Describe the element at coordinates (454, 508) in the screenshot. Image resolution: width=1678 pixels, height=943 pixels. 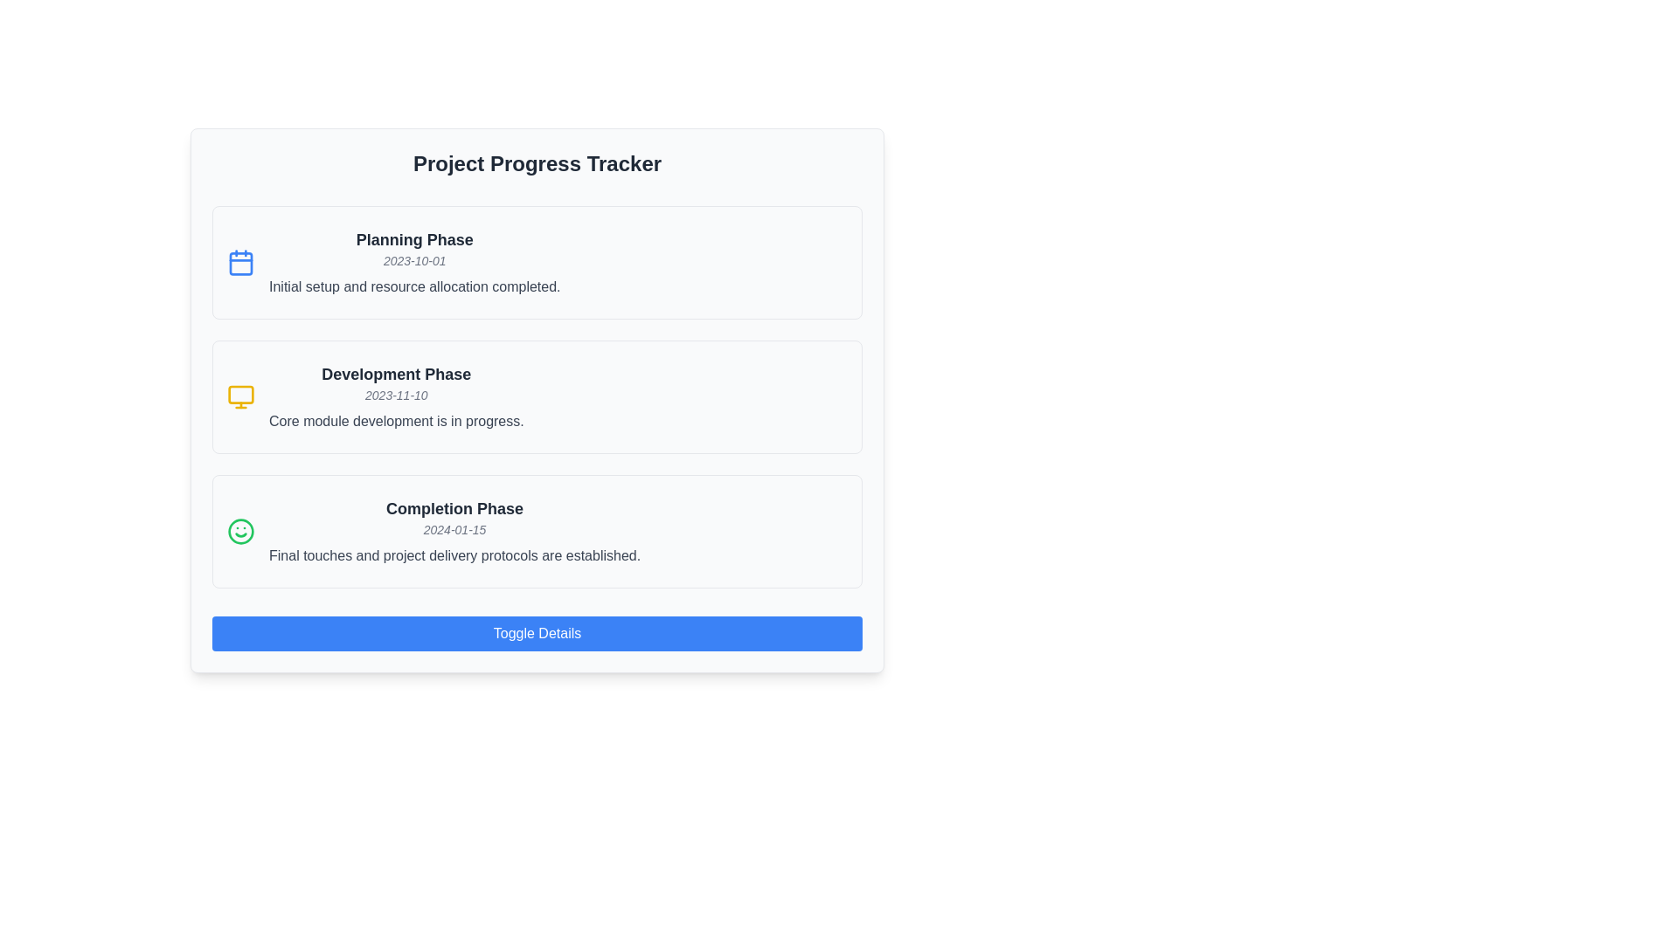
I see `the Text Label indicating the 'Completion Phase' of the project, which is positioned above the date '2024-01-15' and the description text` at that location.